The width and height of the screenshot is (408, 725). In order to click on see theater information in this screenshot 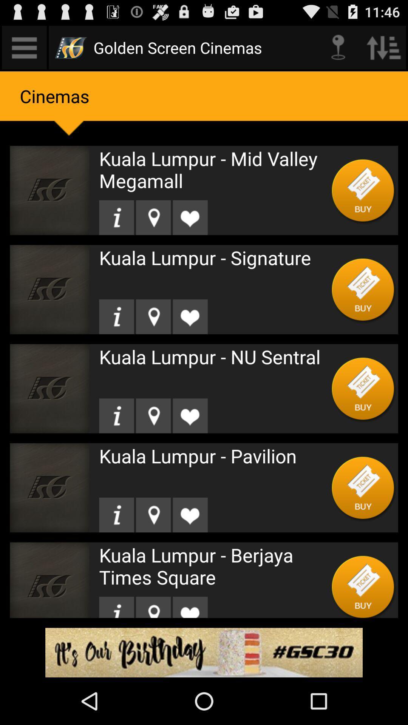, I will do `click(116, 316)`.